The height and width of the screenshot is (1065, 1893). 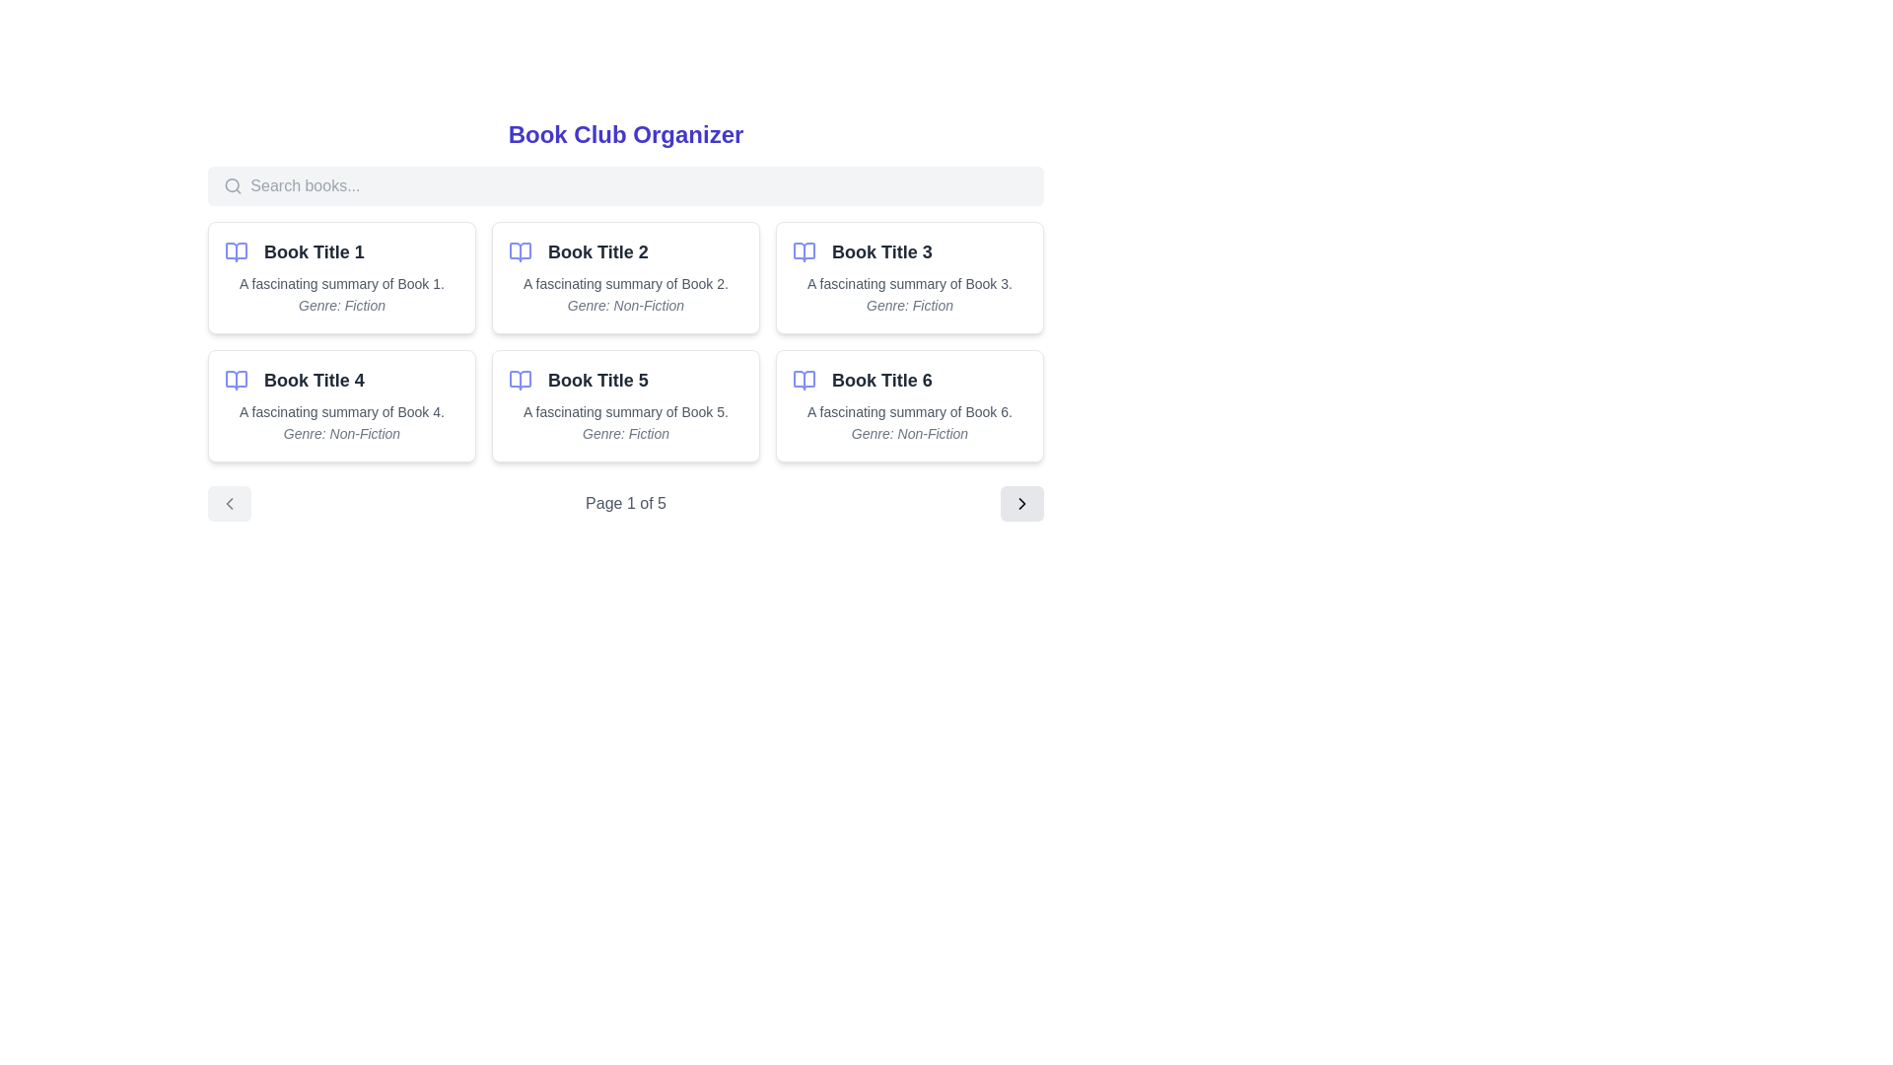 What do you see at coordinates (908, 380) in the screenshot?
I see `the text label element for 'Book Title 6' located in the sixth card of the grid layout` at bounding box center [908, 380].